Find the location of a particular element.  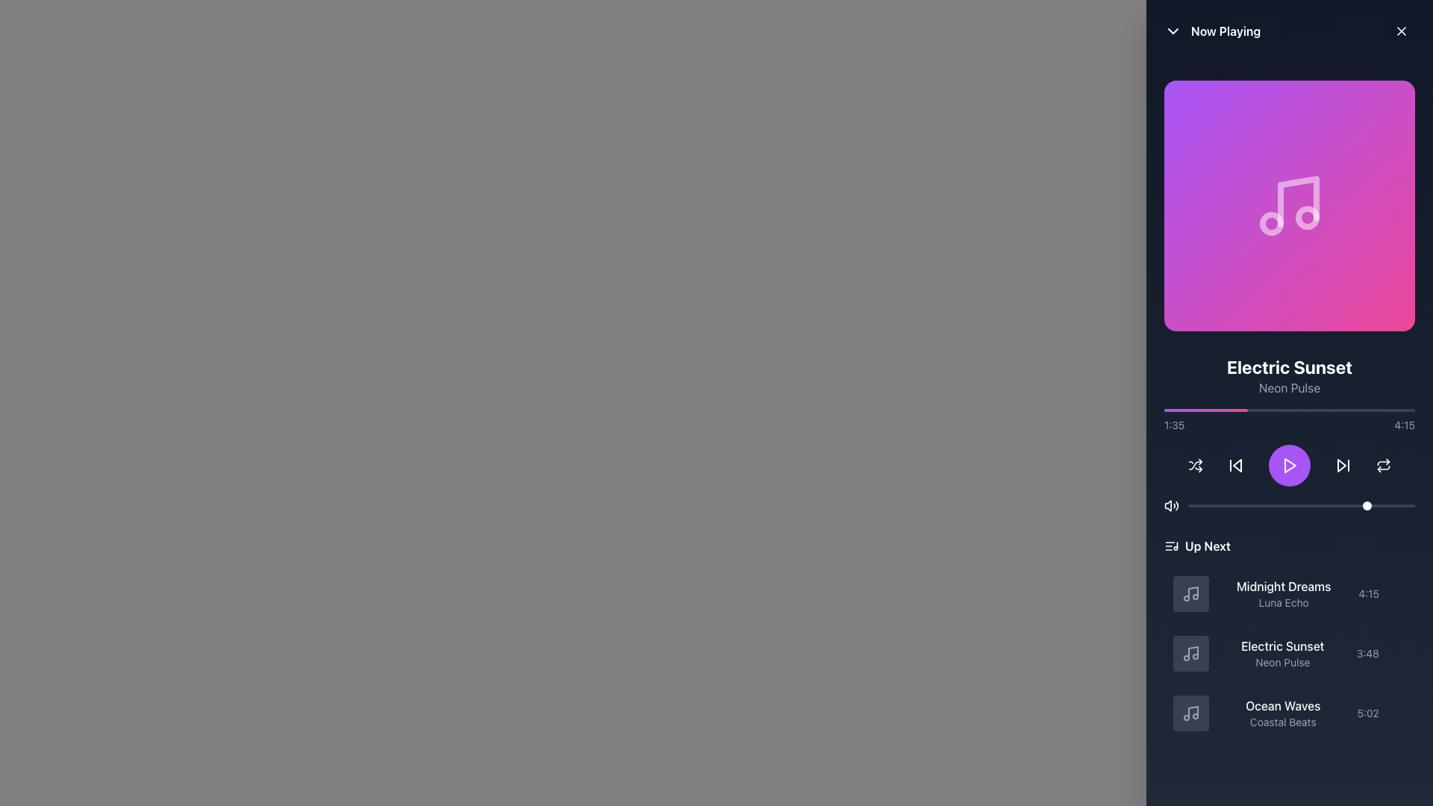

the Floating Action Button (FAB) located at the bottom-right corner of the interface is located at coordinates (1402, 775).